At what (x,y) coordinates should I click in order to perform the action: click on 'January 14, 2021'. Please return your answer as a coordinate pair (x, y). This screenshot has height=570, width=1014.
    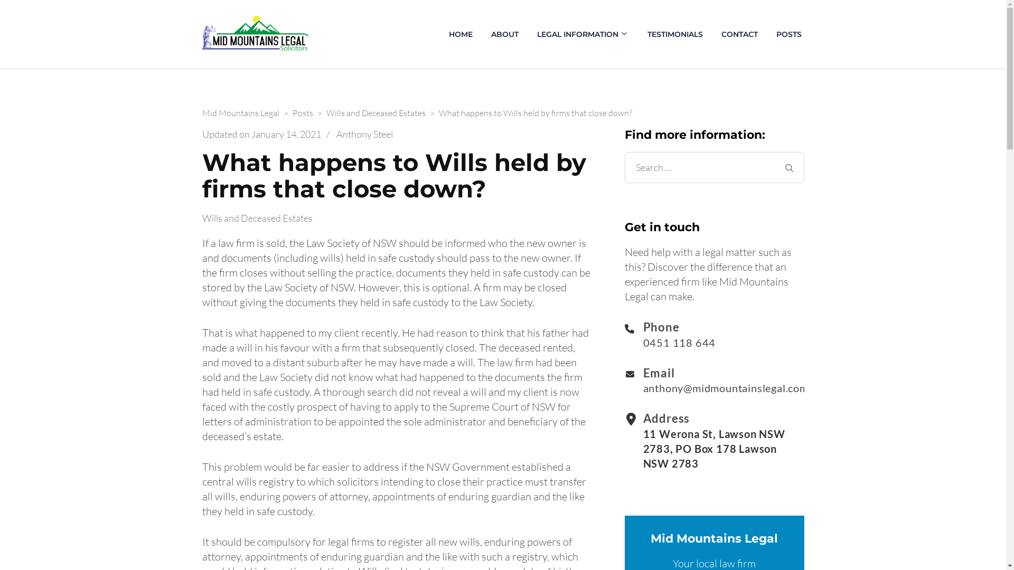
    Looking at the image, I should click on (250, 134).